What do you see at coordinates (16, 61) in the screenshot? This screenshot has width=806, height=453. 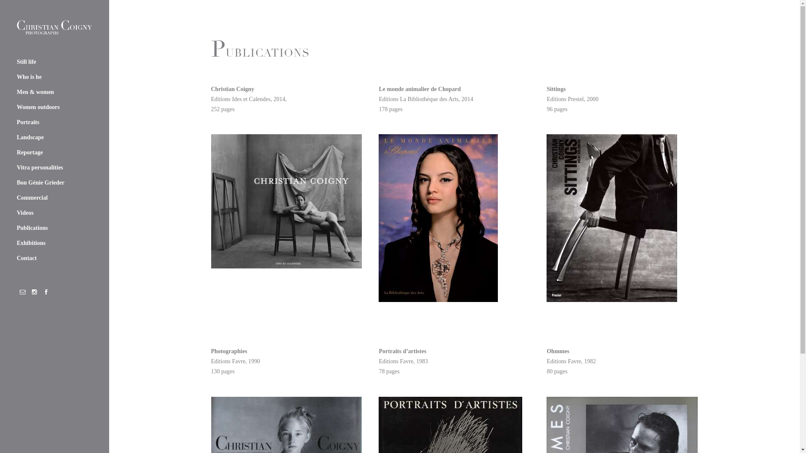 I see `'Still life'` at bounding box center [16, 61].